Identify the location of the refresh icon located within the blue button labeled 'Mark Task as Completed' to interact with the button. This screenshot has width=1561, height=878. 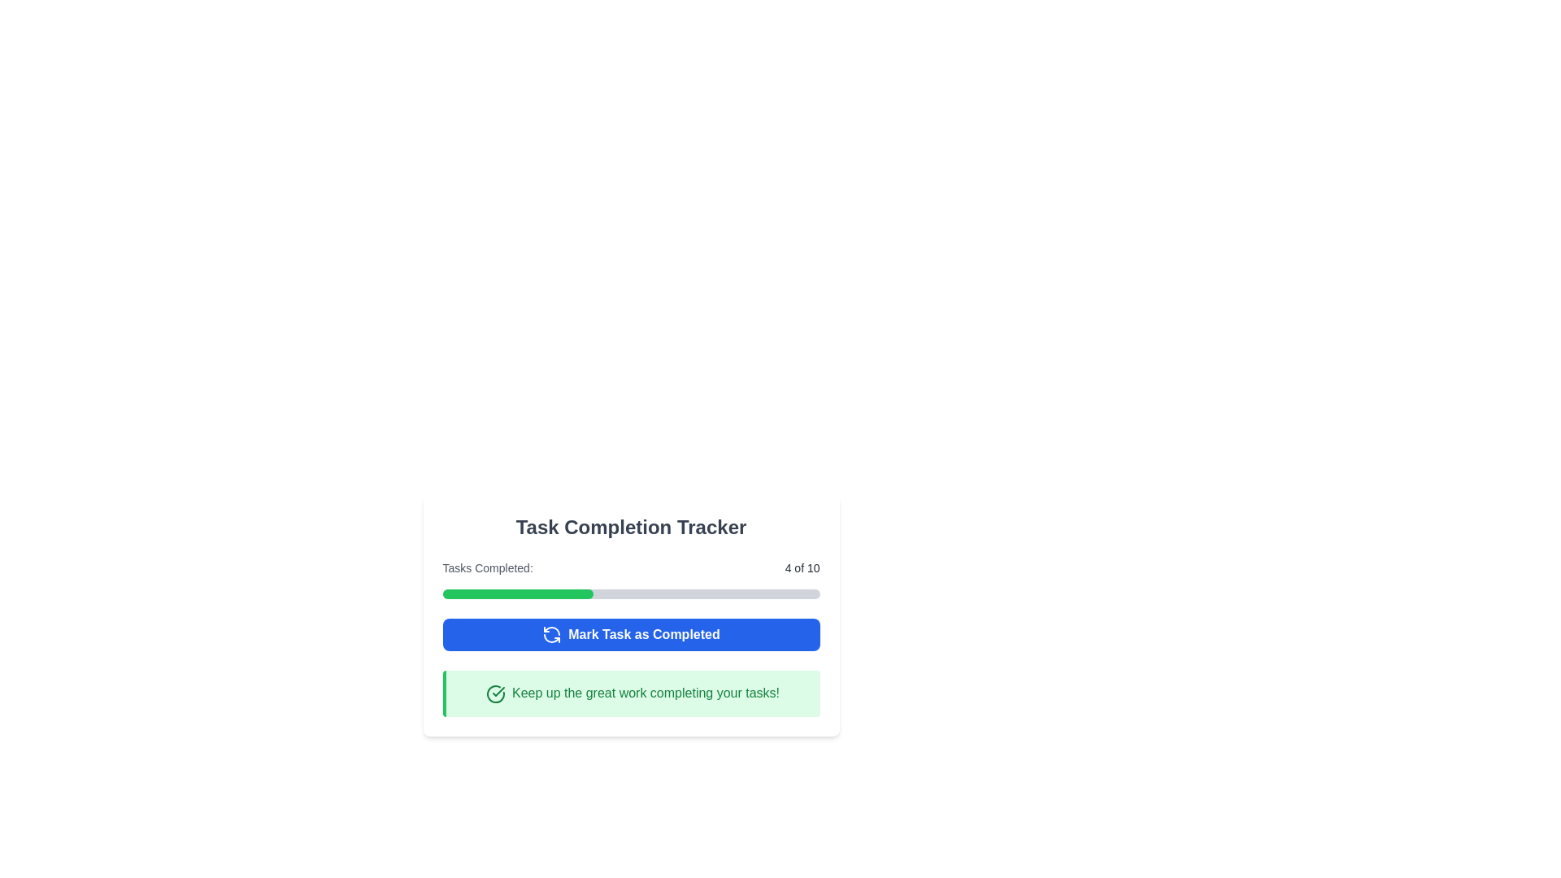
(552, 633).